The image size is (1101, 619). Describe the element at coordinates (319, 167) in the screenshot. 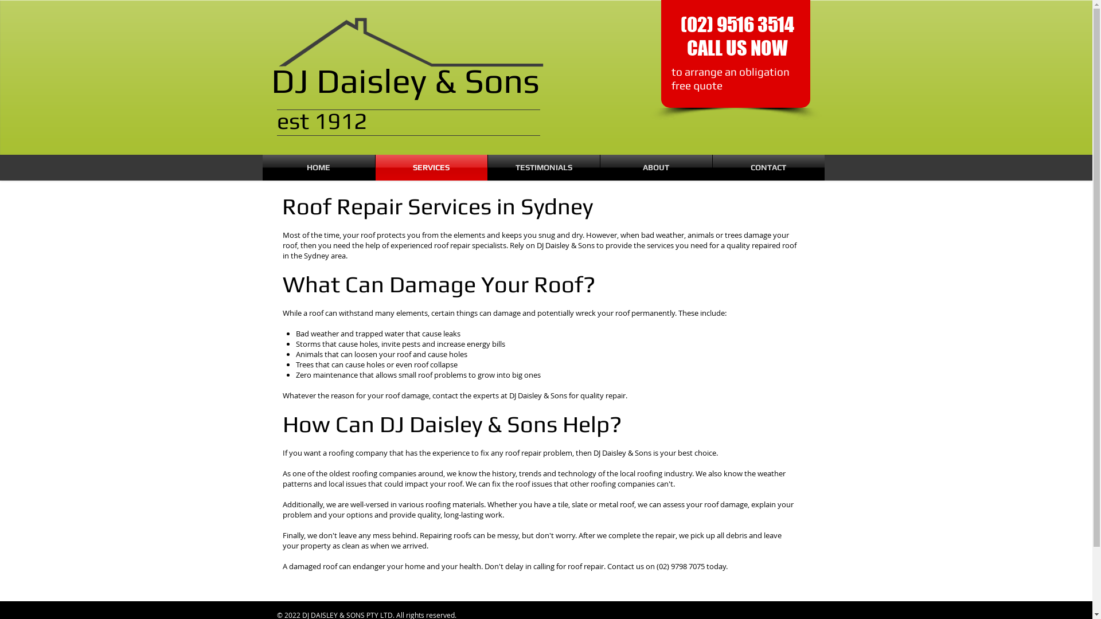

I see `'HOME'` at that location.